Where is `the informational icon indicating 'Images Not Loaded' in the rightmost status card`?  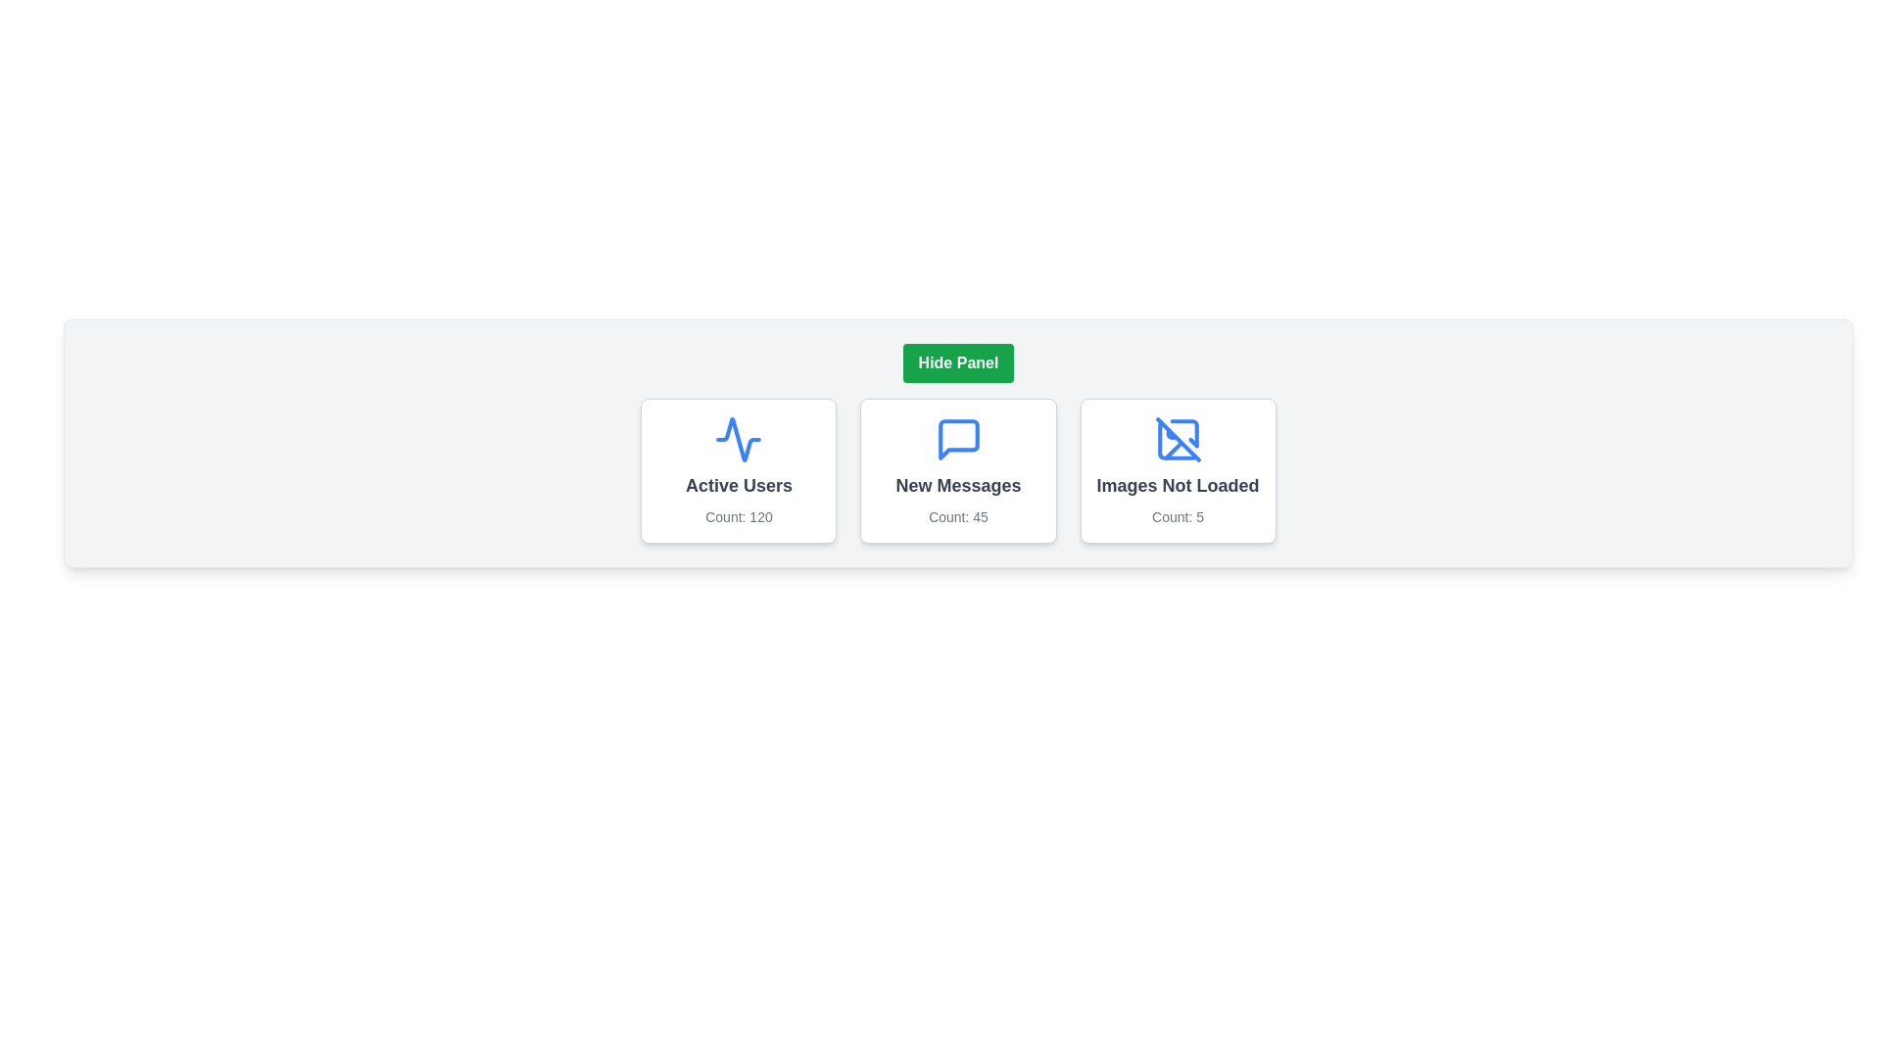 the informational icon indicating 'Images Not Loaded' in the rightmost status card is located at coordinates (1177, 438).